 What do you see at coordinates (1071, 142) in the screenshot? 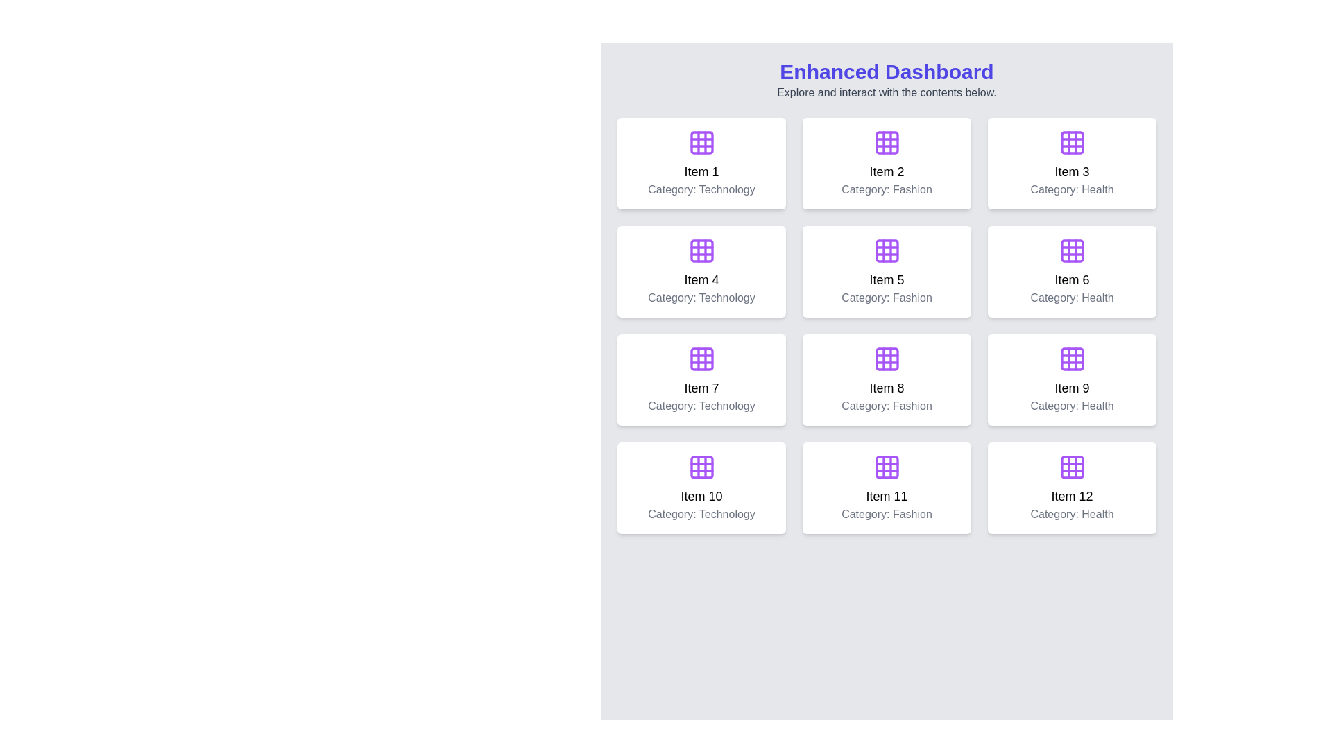
I see `the purple grid icon located at the center of the card labeled 'Item 3' and 'Category: Health'` at bounding box center [1071, 142].